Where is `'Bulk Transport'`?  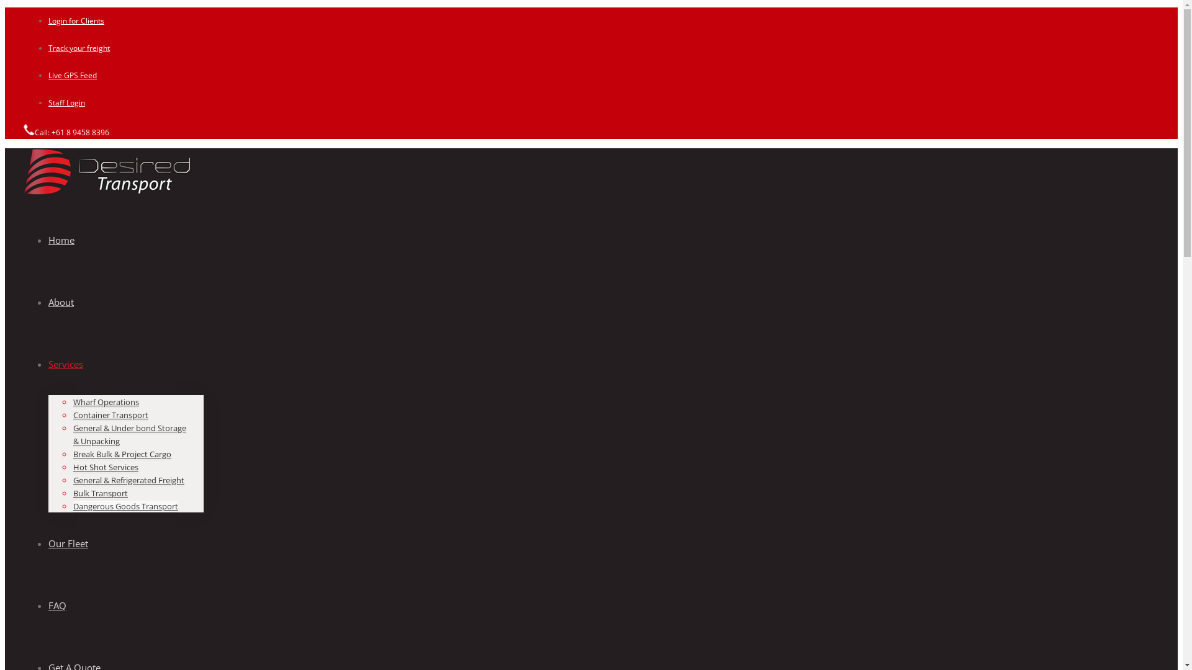 'Bulk Transport' is located at coordinates (101, 493).